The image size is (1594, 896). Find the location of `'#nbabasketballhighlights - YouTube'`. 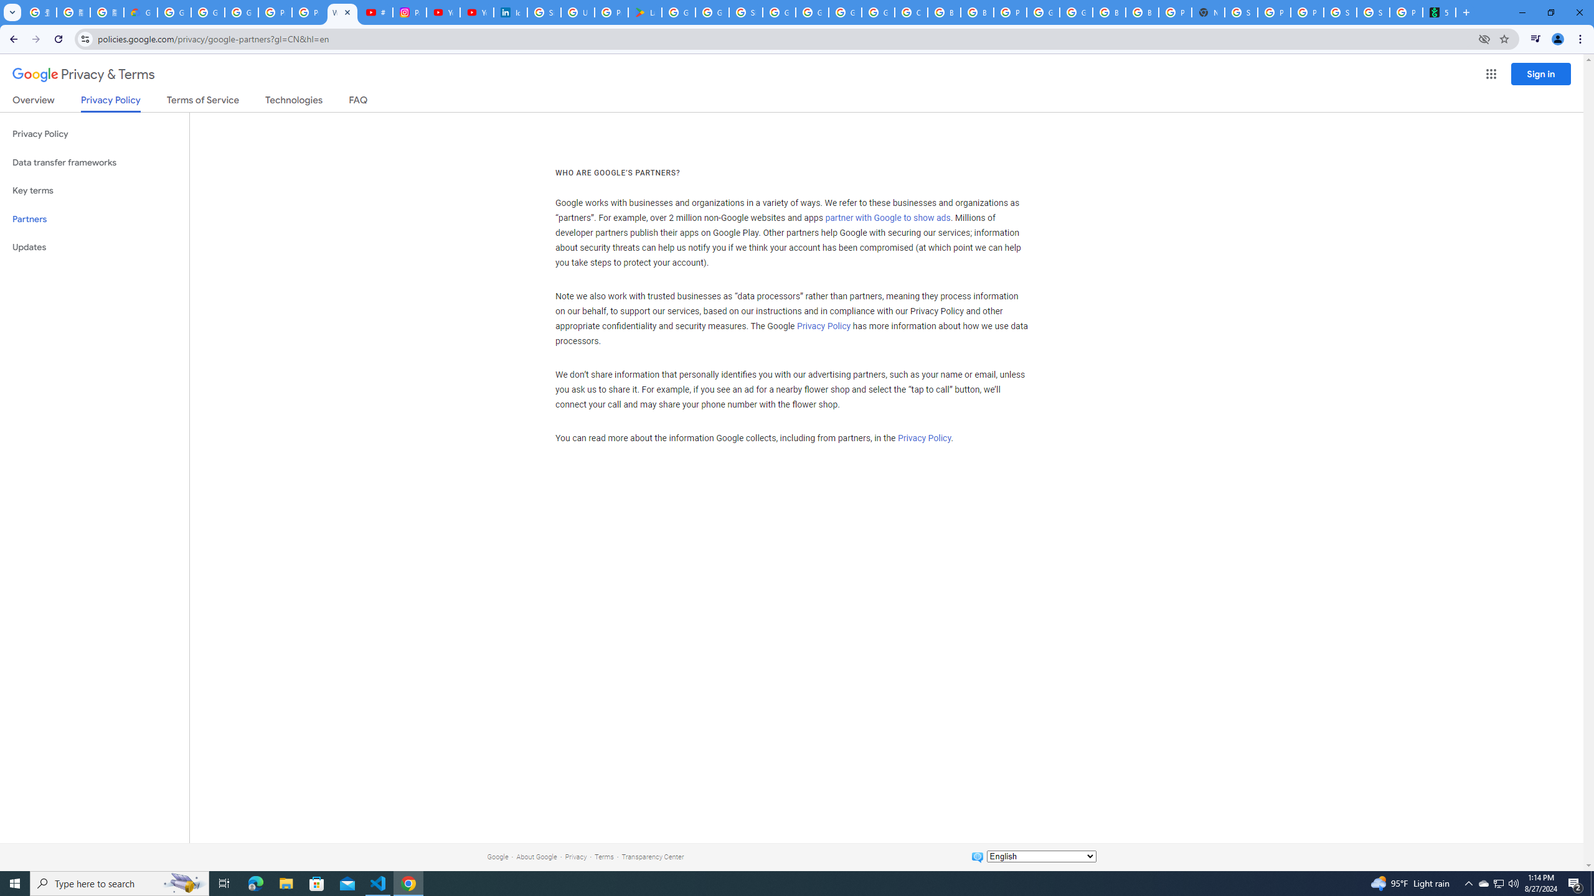

'#nbabasketballhighlights - YouTube' is located at coordinates (375, 12).